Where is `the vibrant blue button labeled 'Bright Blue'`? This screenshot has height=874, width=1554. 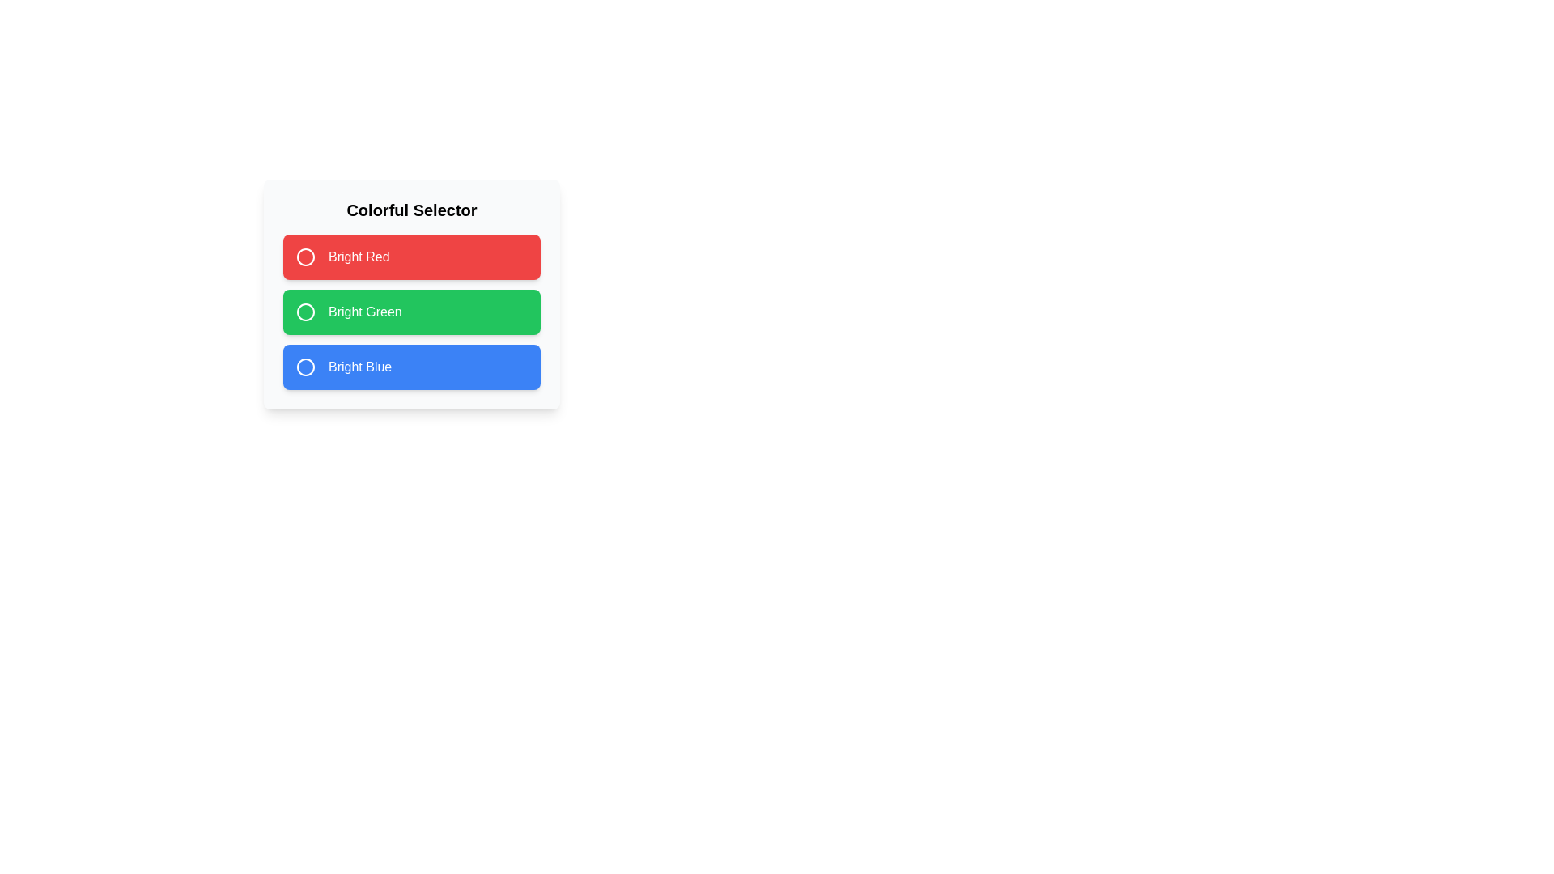 the vibrant blue button labeled 'Bright Blue' is located at coordinates (411, 367).